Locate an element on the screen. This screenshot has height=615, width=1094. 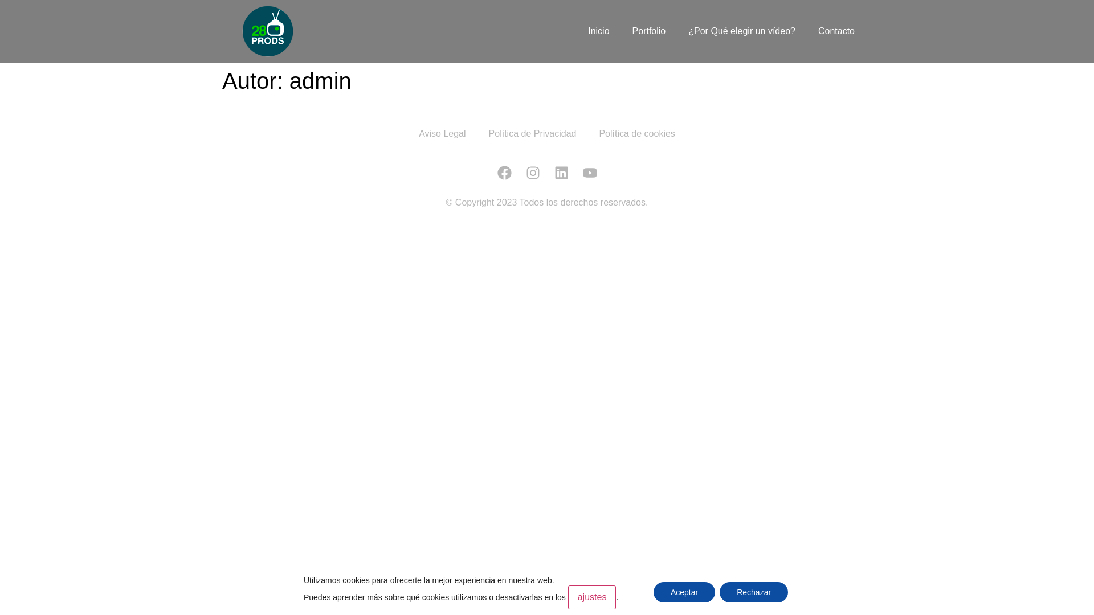
'Portfolio' is located at coordinates (649, 30).